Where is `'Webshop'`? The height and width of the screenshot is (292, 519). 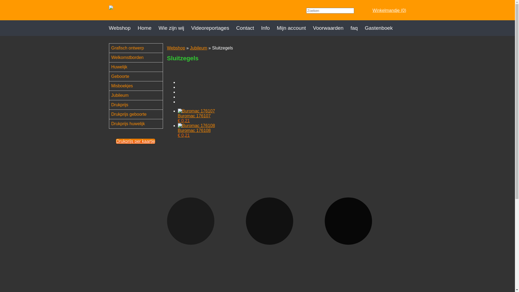
'Webshop' is located at coordinates (123, 28).